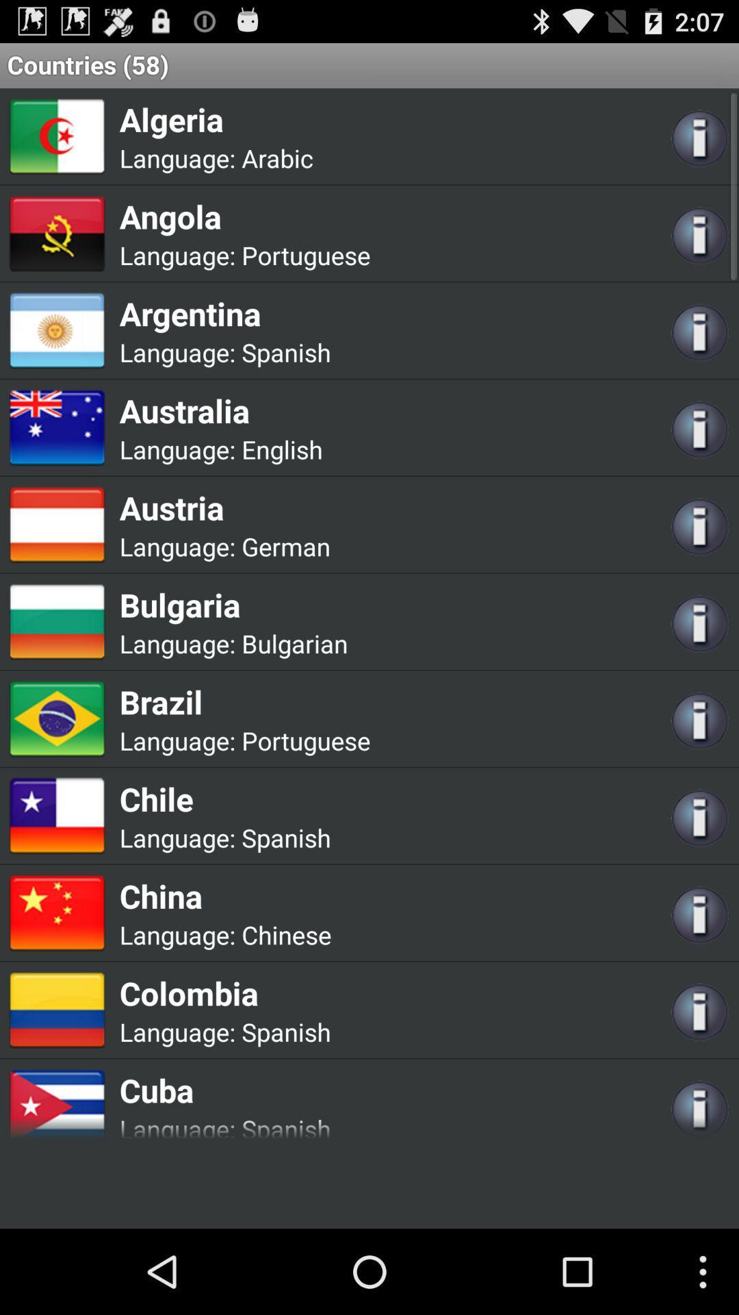 The height and width of the screenshot is (1315, 739). What do you see at coordinates (294, 642) in the screenshot?
I see `app below bulgaria icon` at bounding box center [294, 642].